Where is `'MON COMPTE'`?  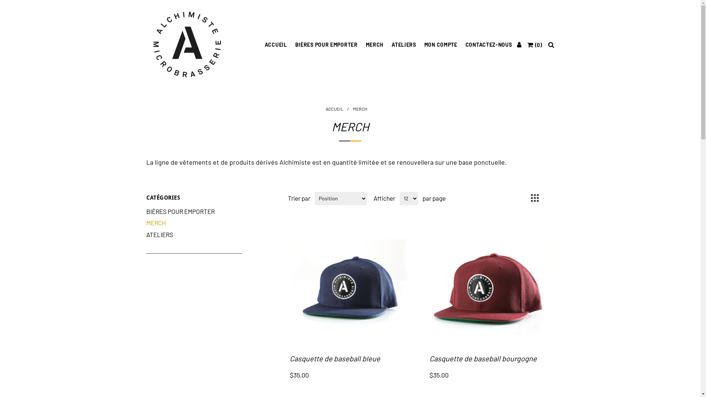 'MON COMPTE' is located at coordinates (441, 45).